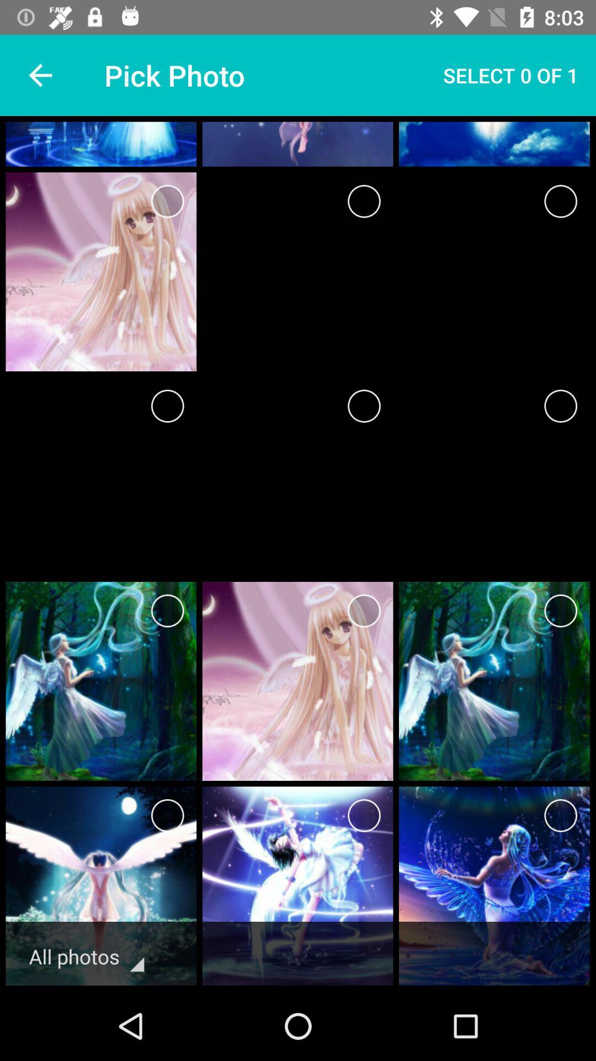 Image resolution: width=596 pixels, height=1061 pixels. What do you see at coordinates (167, 610) in the screenshot?
I see `page` at bounding box center [167, 610].